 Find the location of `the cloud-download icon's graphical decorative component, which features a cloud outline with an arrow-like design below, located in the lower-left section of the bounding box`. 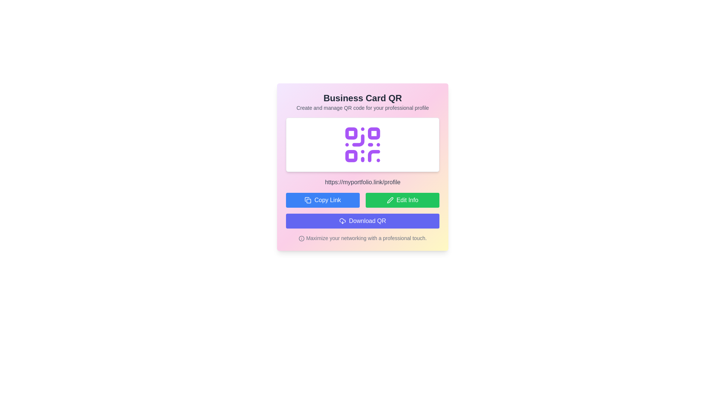

the cloud-download icon's graphical decorative component, which features a cloud outline with an arrow-like design below, located in the lower-left section of the bounding box is located at coordinates (342, 220).